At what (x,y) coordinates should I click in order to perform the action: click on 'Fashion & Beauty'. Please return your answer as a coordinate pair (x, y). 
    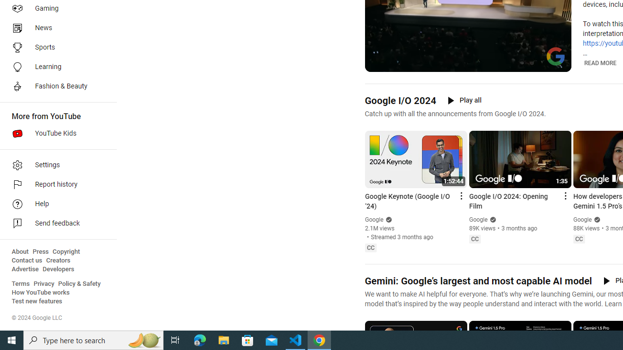
    Looking at the image, I should click on (55, 86).